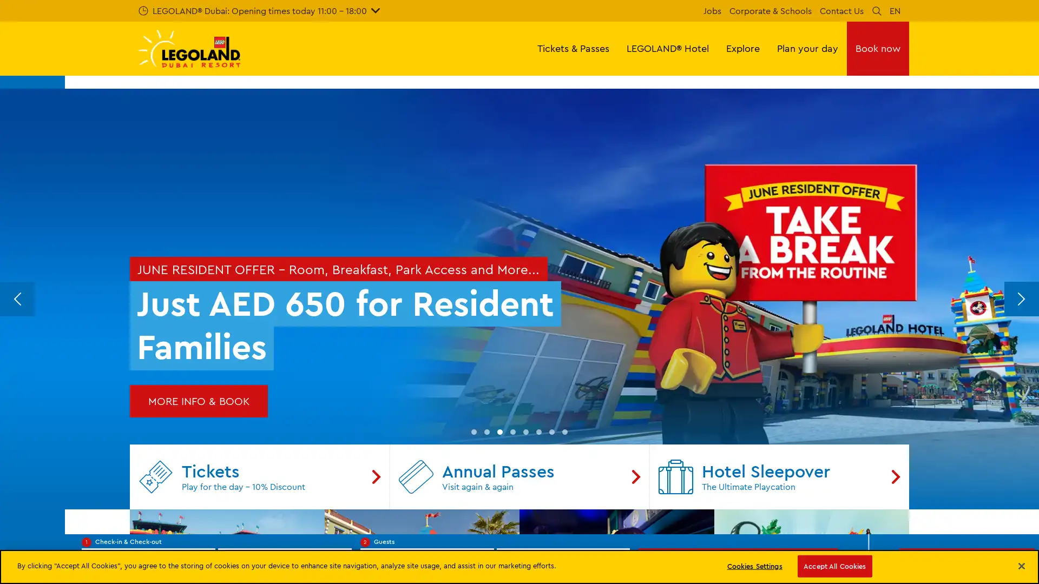 The height and width of the screenshot is (584, 1039). I want to click on Go to slide 2, so click(486, 431).